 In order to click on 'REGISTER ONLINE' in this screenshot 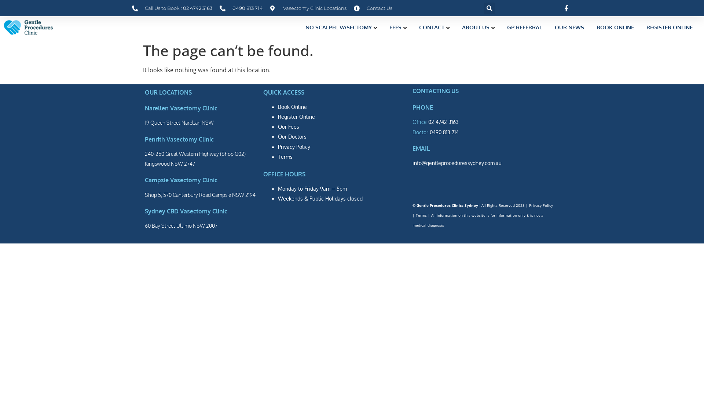, I will do `click(669, 27)`.